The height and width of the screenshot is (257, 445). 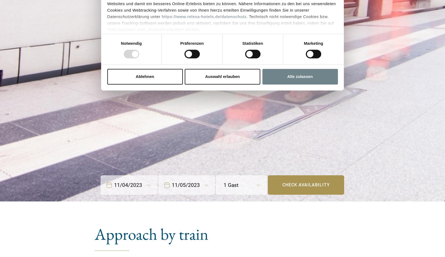 I want to click on 'Ihre Einwilligung können Sie jederzeit mit Wirkung für die Zukunft widerrufen durch Klicken des nachfolgenden Buttons/Links: „Ablehnen“. Sie können Ihren Browser so einstellen, dass er Sie über die Platzierung von Cookies informiert. So wird der Gebrauch von Cookies für Sie transparent. Wenn Sie die Nutzung von Cookies völlig ausschließen, können Sie einzelne Funktionen unserer Website - inklusive der Möglichkeit zum Cookie-basierten Opt-Out vom Tracking - nicht verwenden.', so click(x=220, y=100).